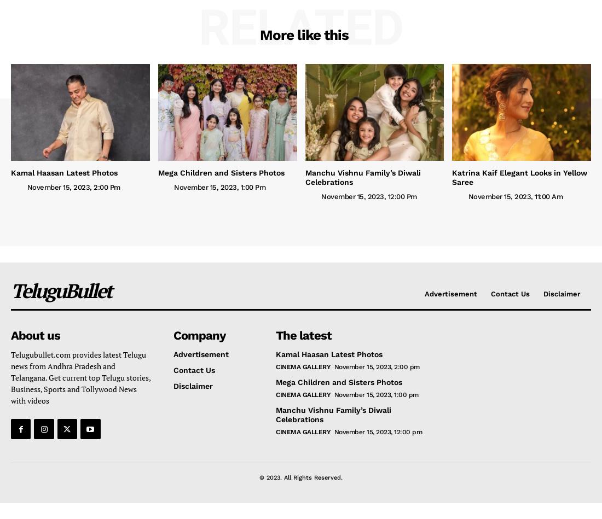 This screenshot has width=602, height=519. I want to click on 'Company', so click(199, 335).